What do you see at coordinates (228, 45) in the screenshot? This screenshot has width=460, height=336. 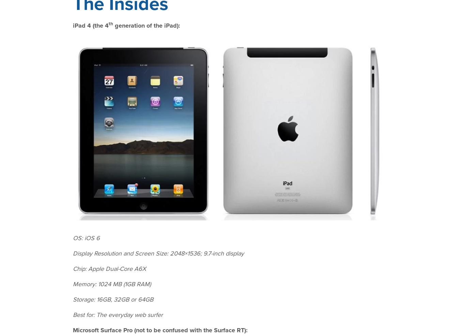 I see `'Federated Authentication with a SAML Identity Provider'` at bounding box center [228, 45].